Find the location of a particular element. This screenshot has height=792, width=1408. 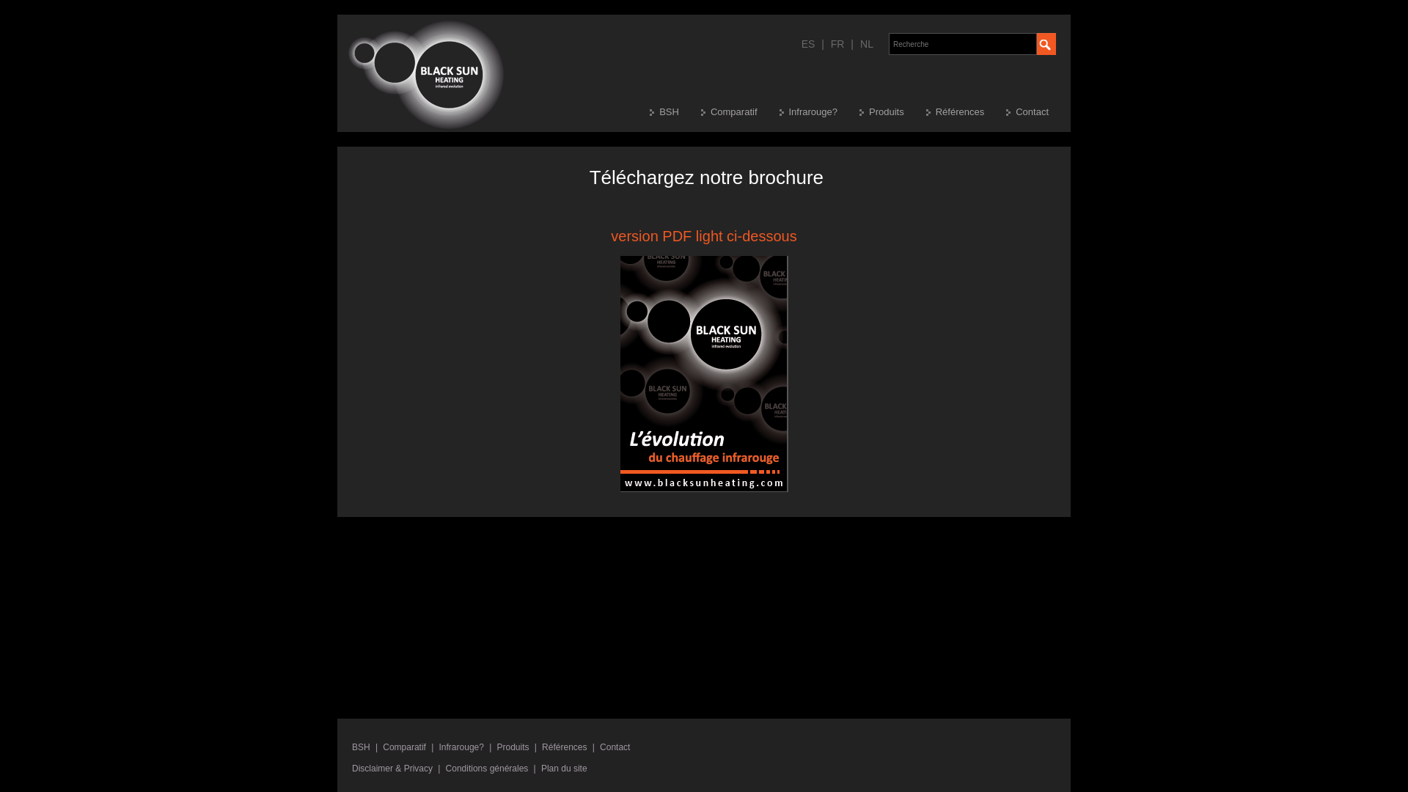

'Comparatif' is located at coordinates (404, 747).